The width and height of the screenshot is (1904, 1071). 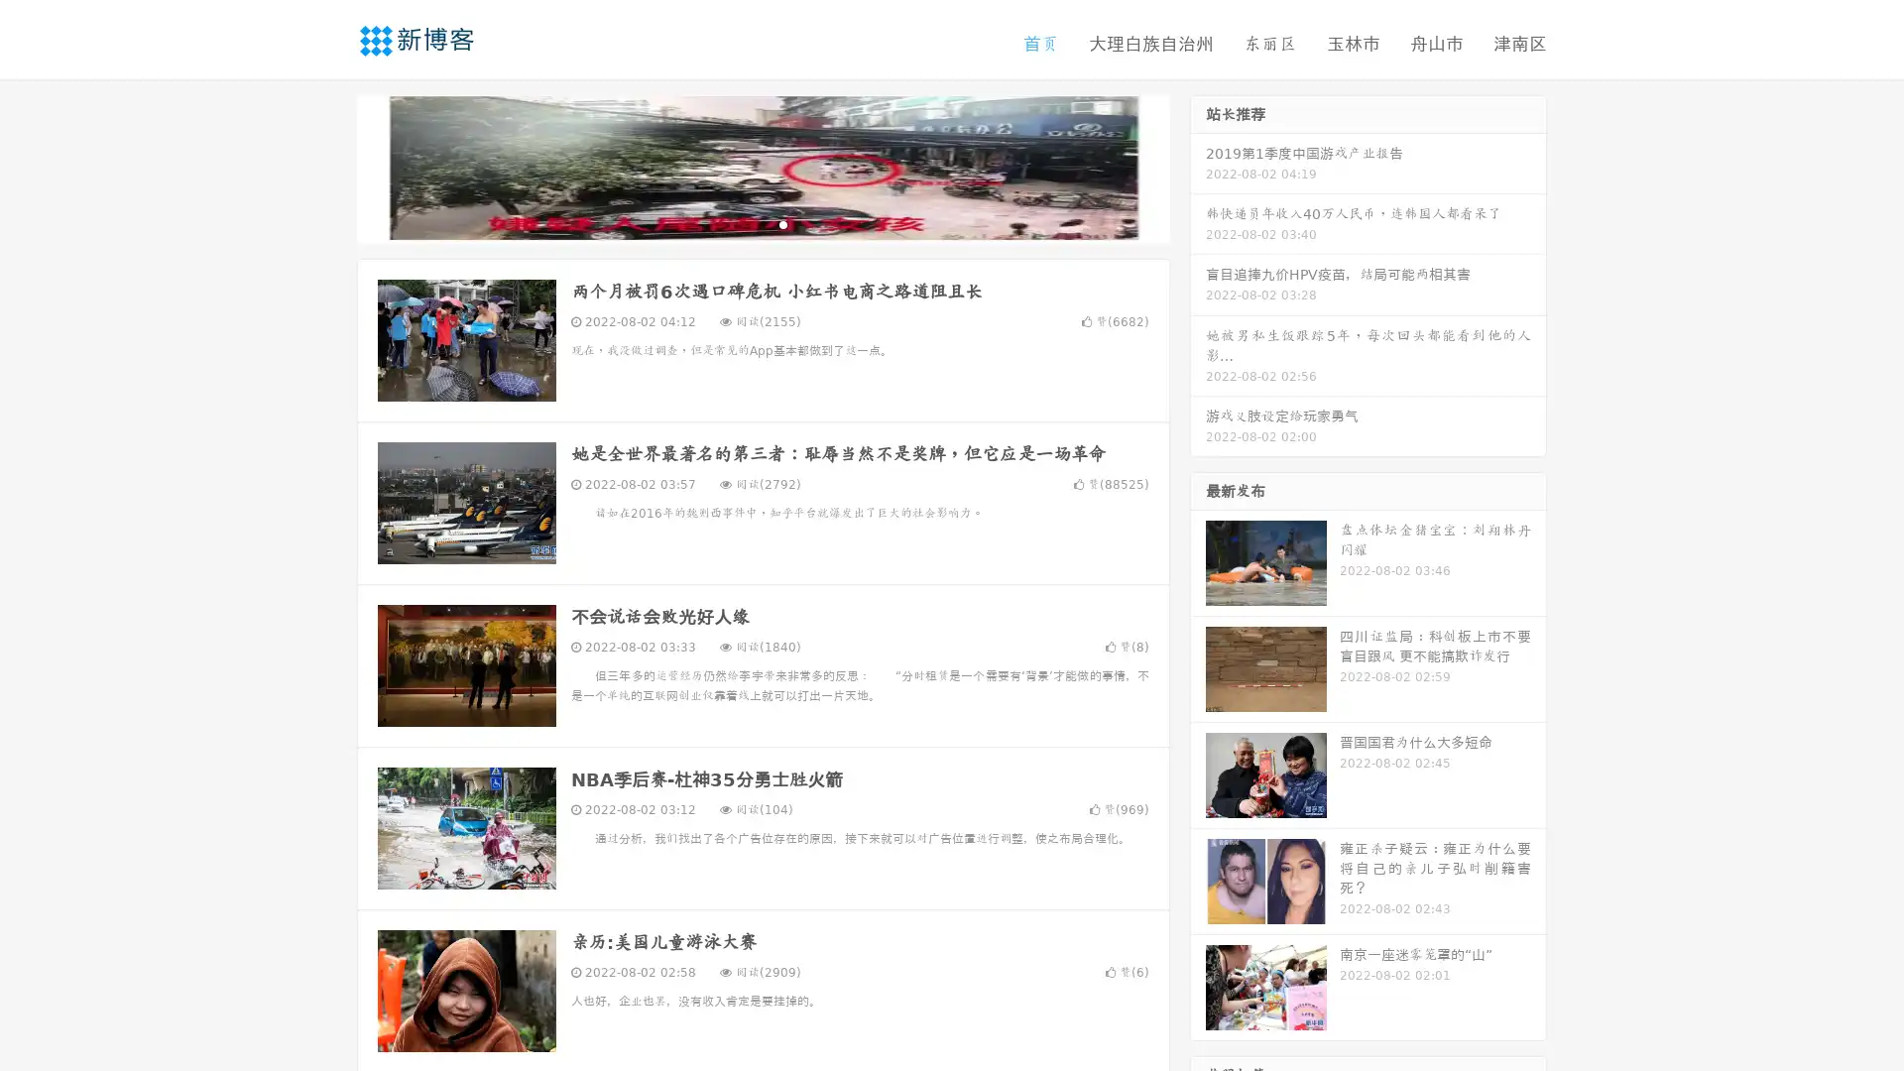 What do you see at coordinates (782, 223) in the screenshot?
I see `Go to slide 3` at bounding box center [782, 223].